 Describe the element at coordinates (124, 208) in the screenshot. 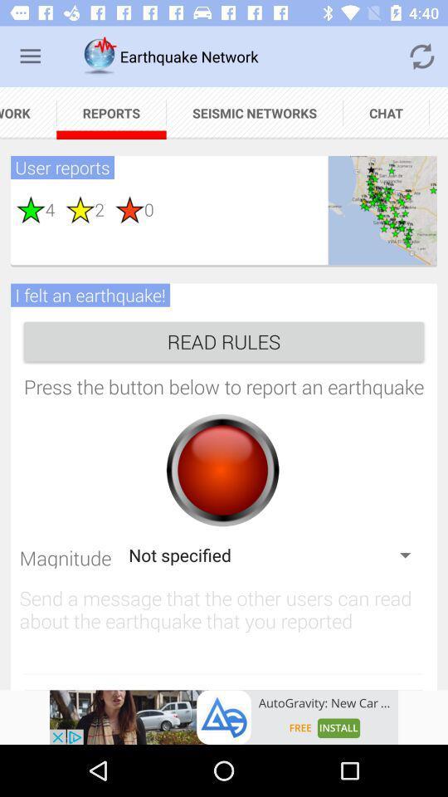

I see `the third star from the user reports` at that location.